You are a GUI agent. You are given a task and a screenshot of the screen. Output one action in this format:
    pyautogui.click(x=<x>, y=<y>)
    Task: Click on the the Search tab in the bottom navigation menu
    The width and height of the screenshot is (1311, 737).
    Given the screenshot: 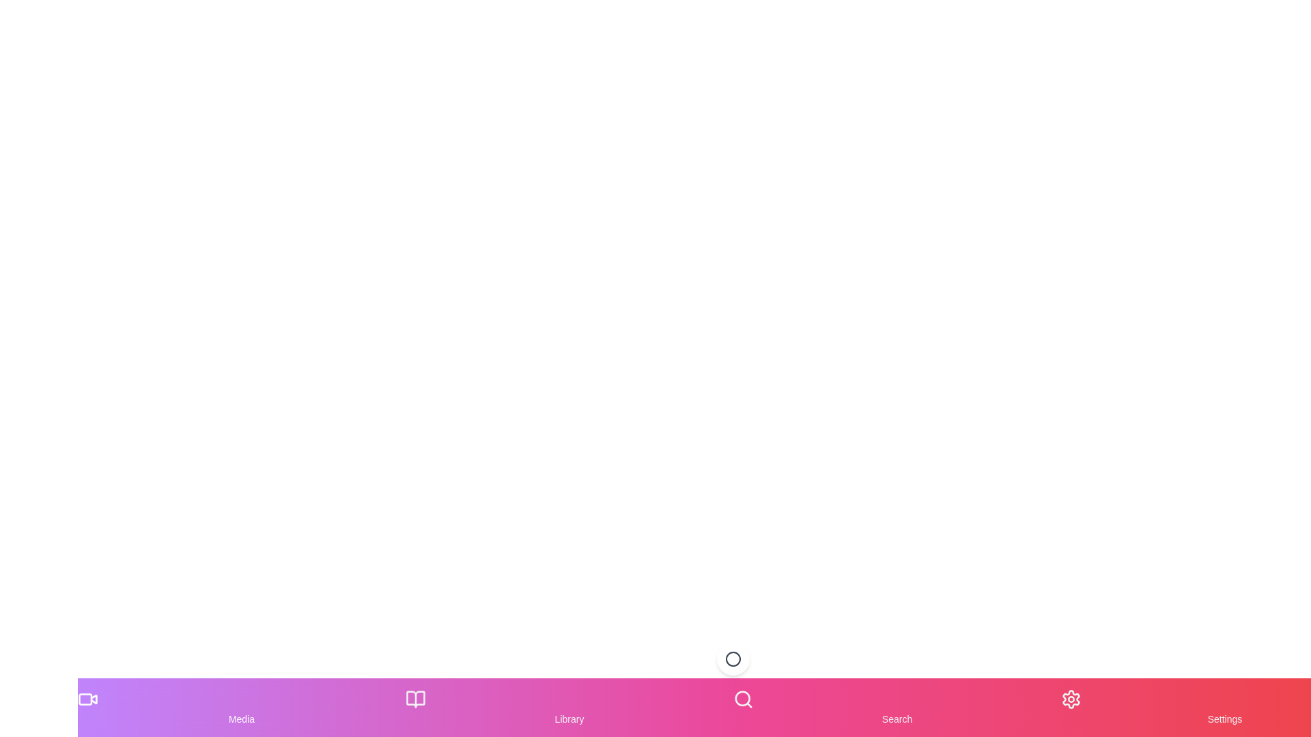 What is the action you would take?
    pyautogui.click(x=897, y=707)
    